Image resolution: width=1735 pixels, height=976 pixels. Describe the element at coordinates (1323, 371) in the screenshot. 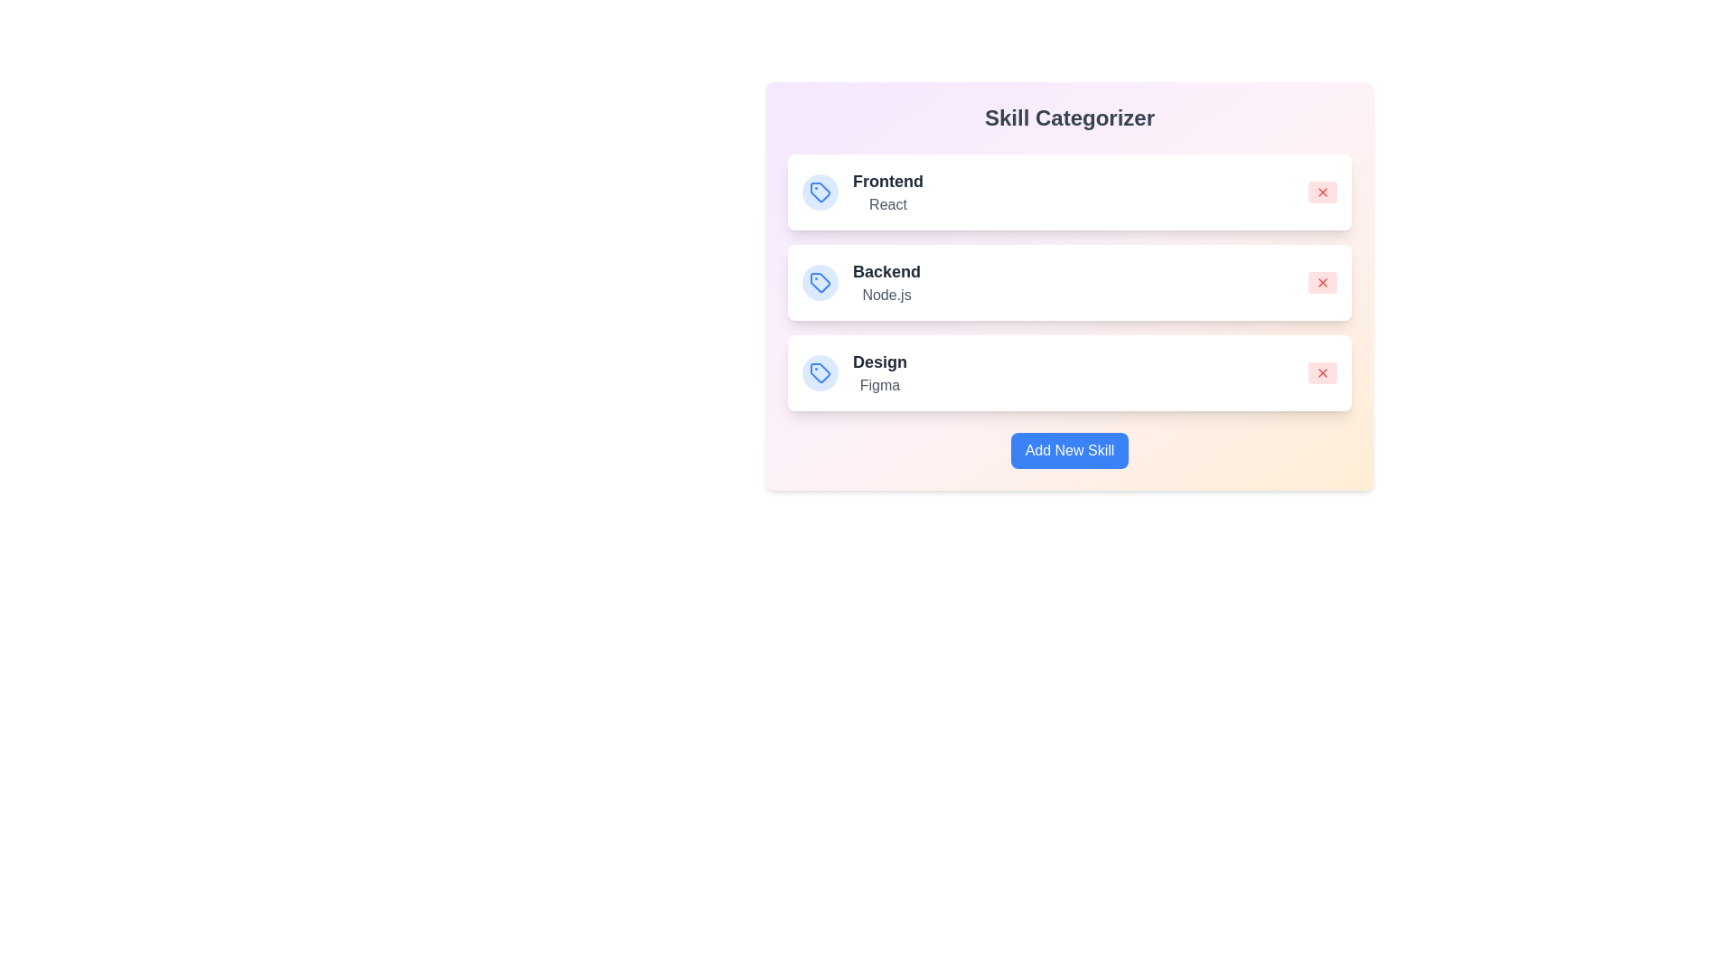

I see `'X' button to remove the skill associated with Design` at that location.